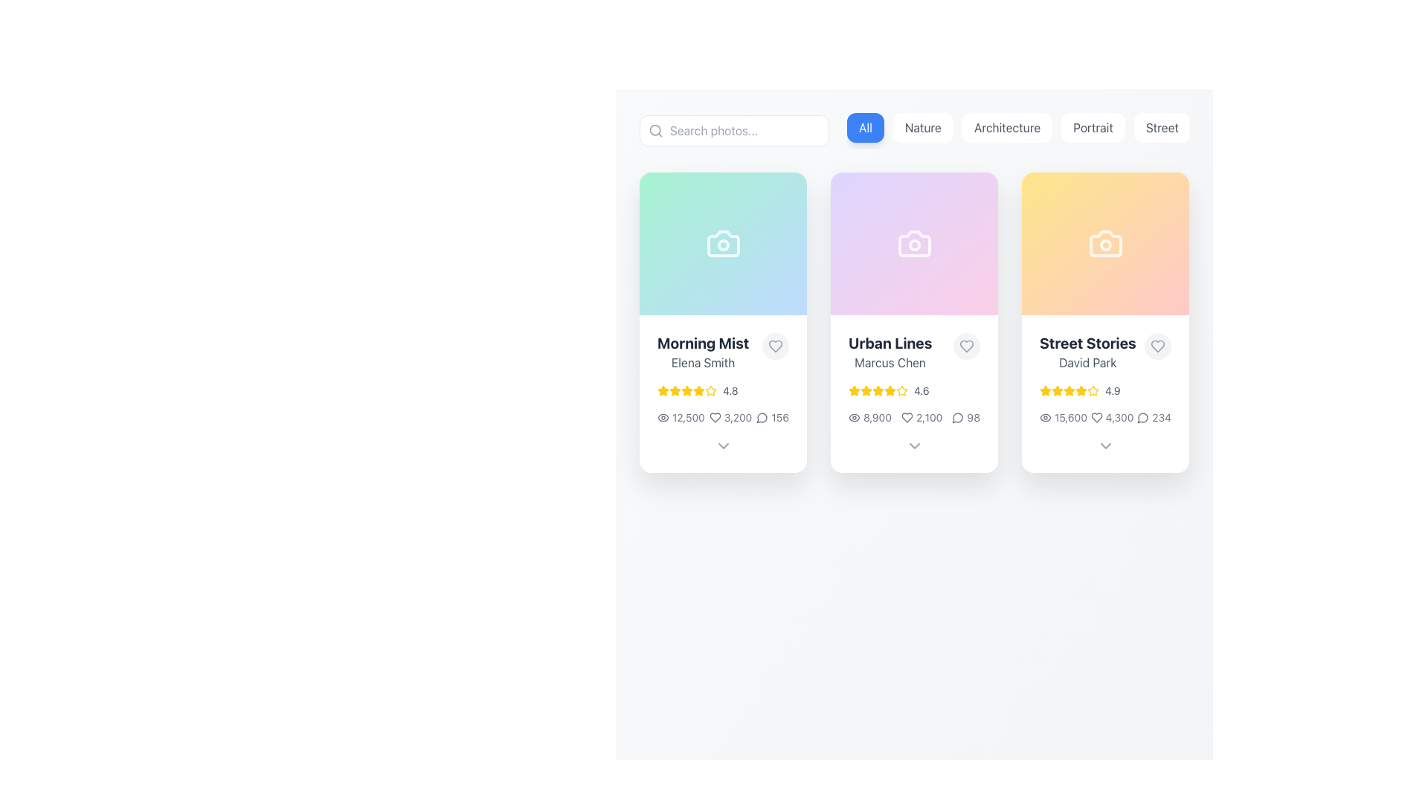 The width and height of the screenshot is (1428, 803). What do you see at coordinates (1105, 418) in the screenshot?
I see `the heart icon located within the Text and icon information strip at the bottom of the 'Street Stories' card to like the content` at bounding box center [1105, 418].